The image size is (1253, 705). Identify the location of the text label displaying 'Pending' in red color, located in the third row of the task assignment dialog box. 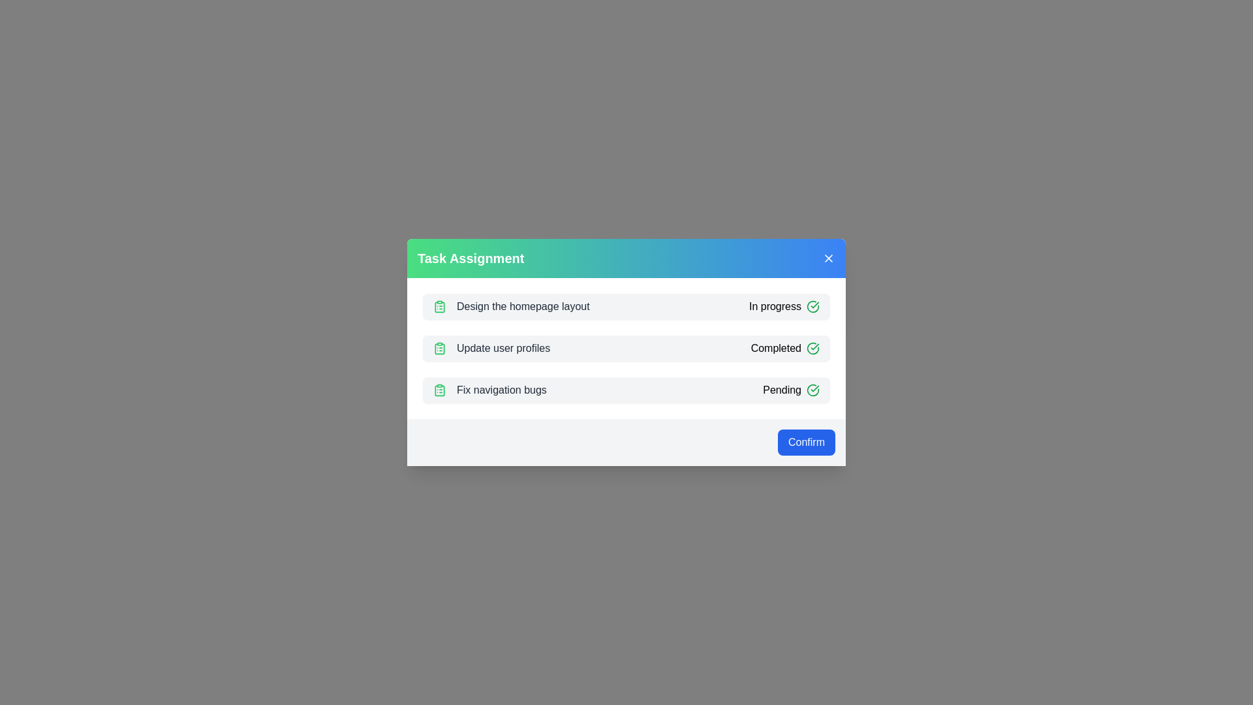
(782, 389).